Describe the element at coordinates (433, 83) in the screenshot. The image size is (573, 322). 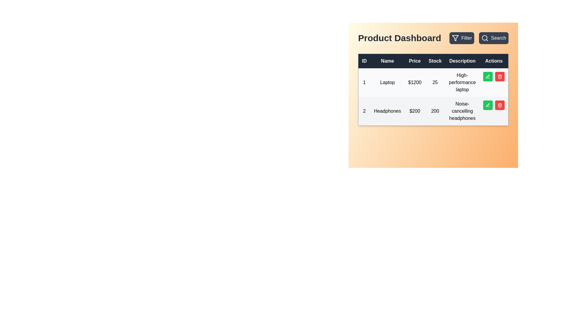
I see `the first table row containing product details for 'Laptop'` at that location.